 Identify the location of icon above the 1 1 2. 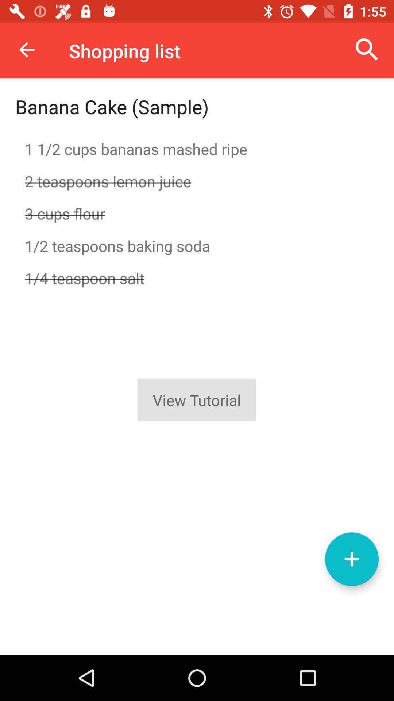
(367, 49).